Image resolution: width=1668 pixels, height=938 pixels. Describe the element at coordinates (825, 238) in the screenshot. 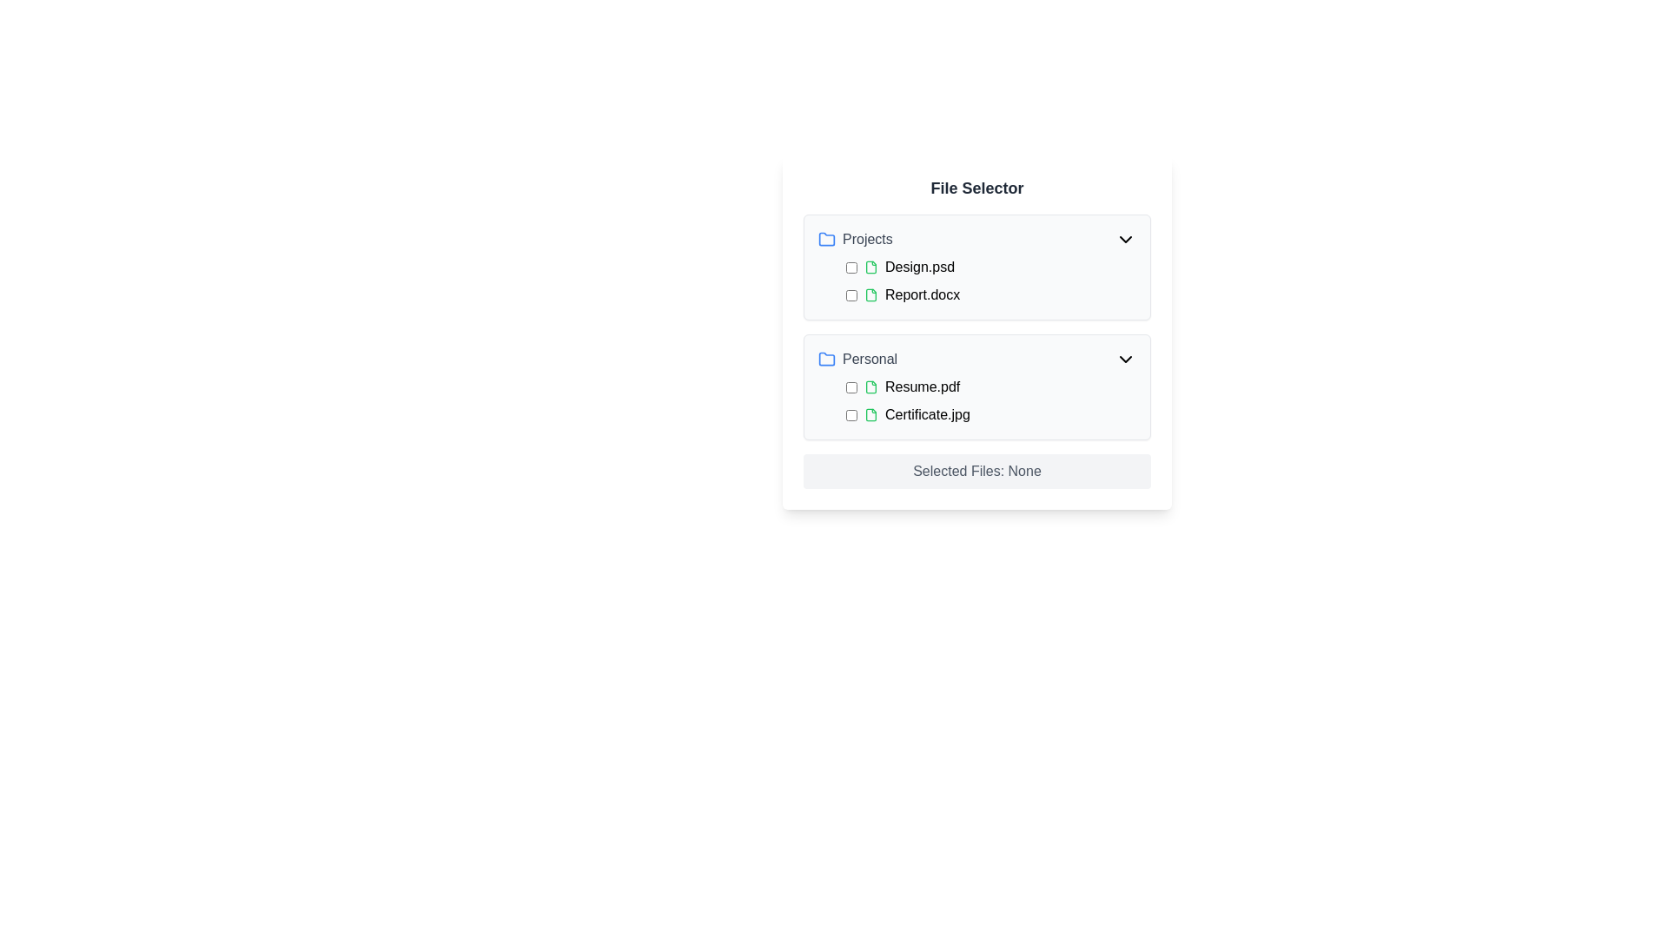

I see `the blue folder icon outlined in white, located next to the text 'Projects' in the 'File Selector' interface` at that location.